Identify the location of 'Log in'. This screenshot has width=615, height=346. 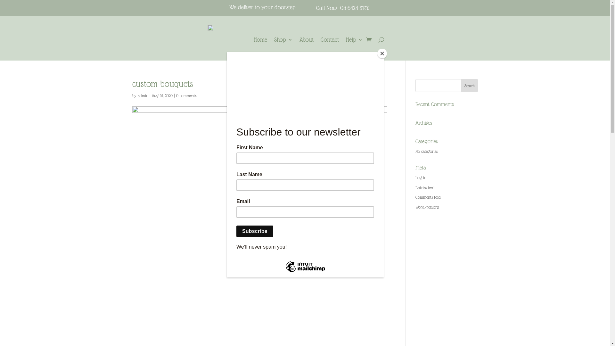
(421, 177).